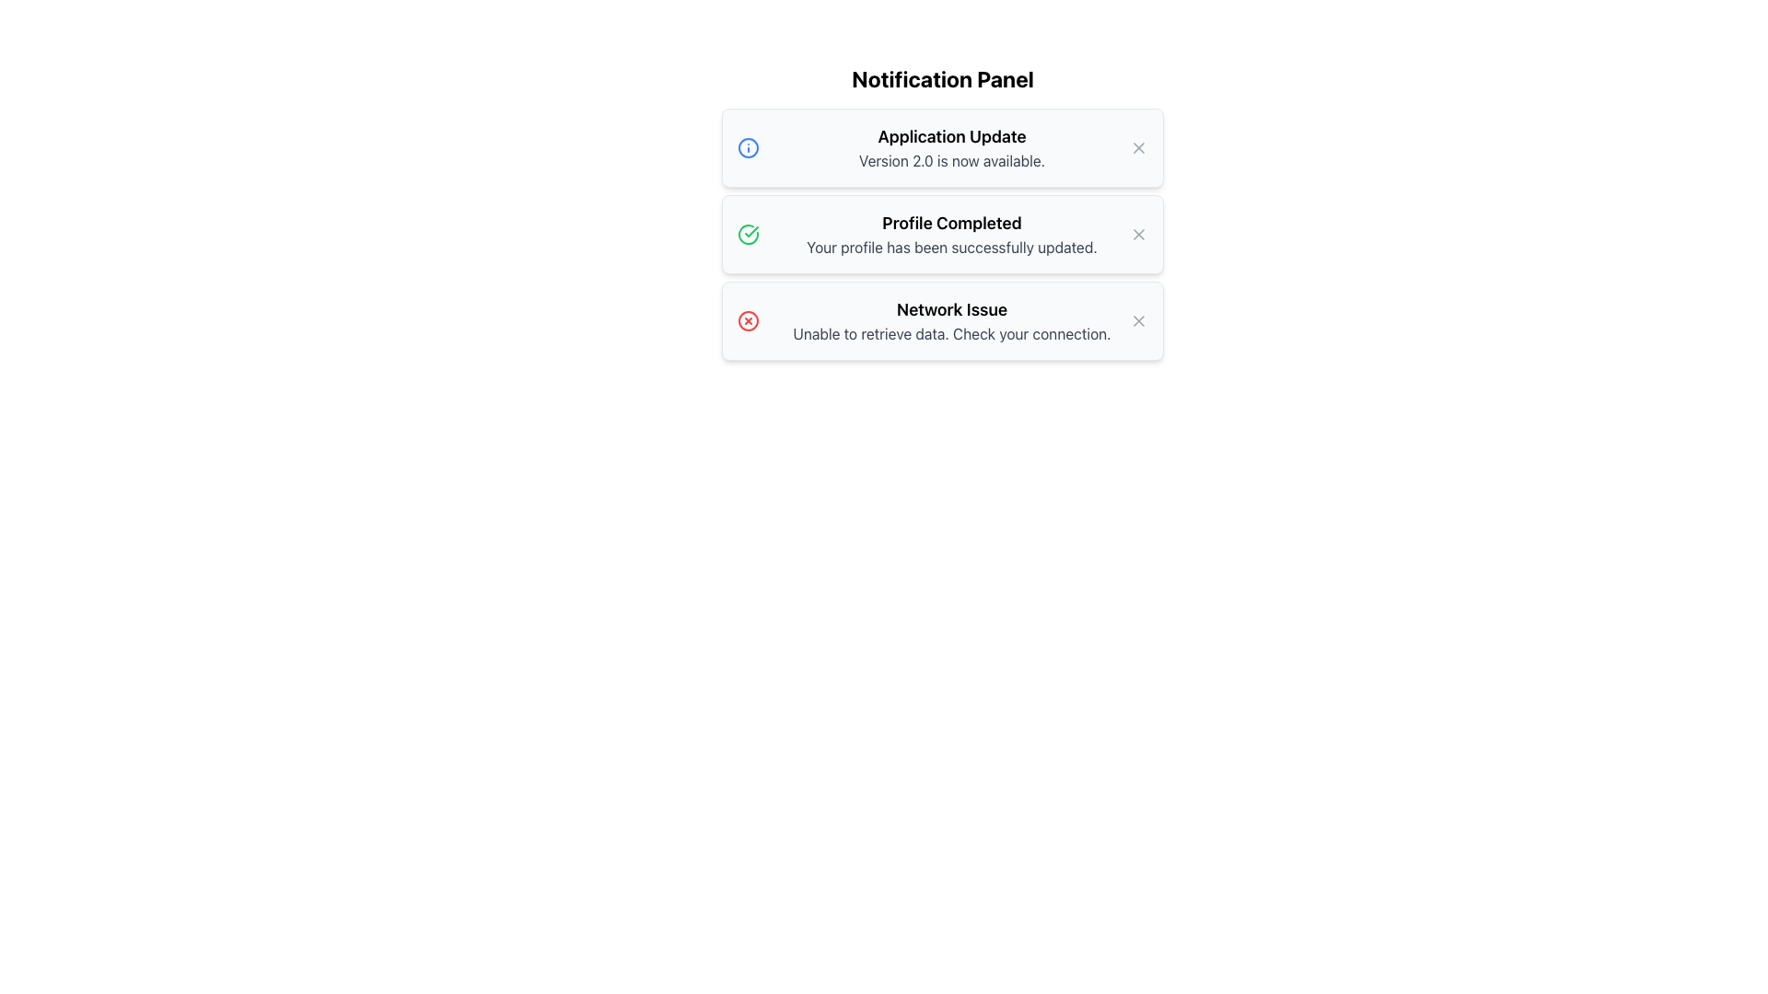 The width and height of the screenshot is (1768, 994). I want to click on the visual appearance of the close icon represented by a small cross-shaped icon located in the top-right corner of the 'Application Update' notification panel, so click(1138, 147).